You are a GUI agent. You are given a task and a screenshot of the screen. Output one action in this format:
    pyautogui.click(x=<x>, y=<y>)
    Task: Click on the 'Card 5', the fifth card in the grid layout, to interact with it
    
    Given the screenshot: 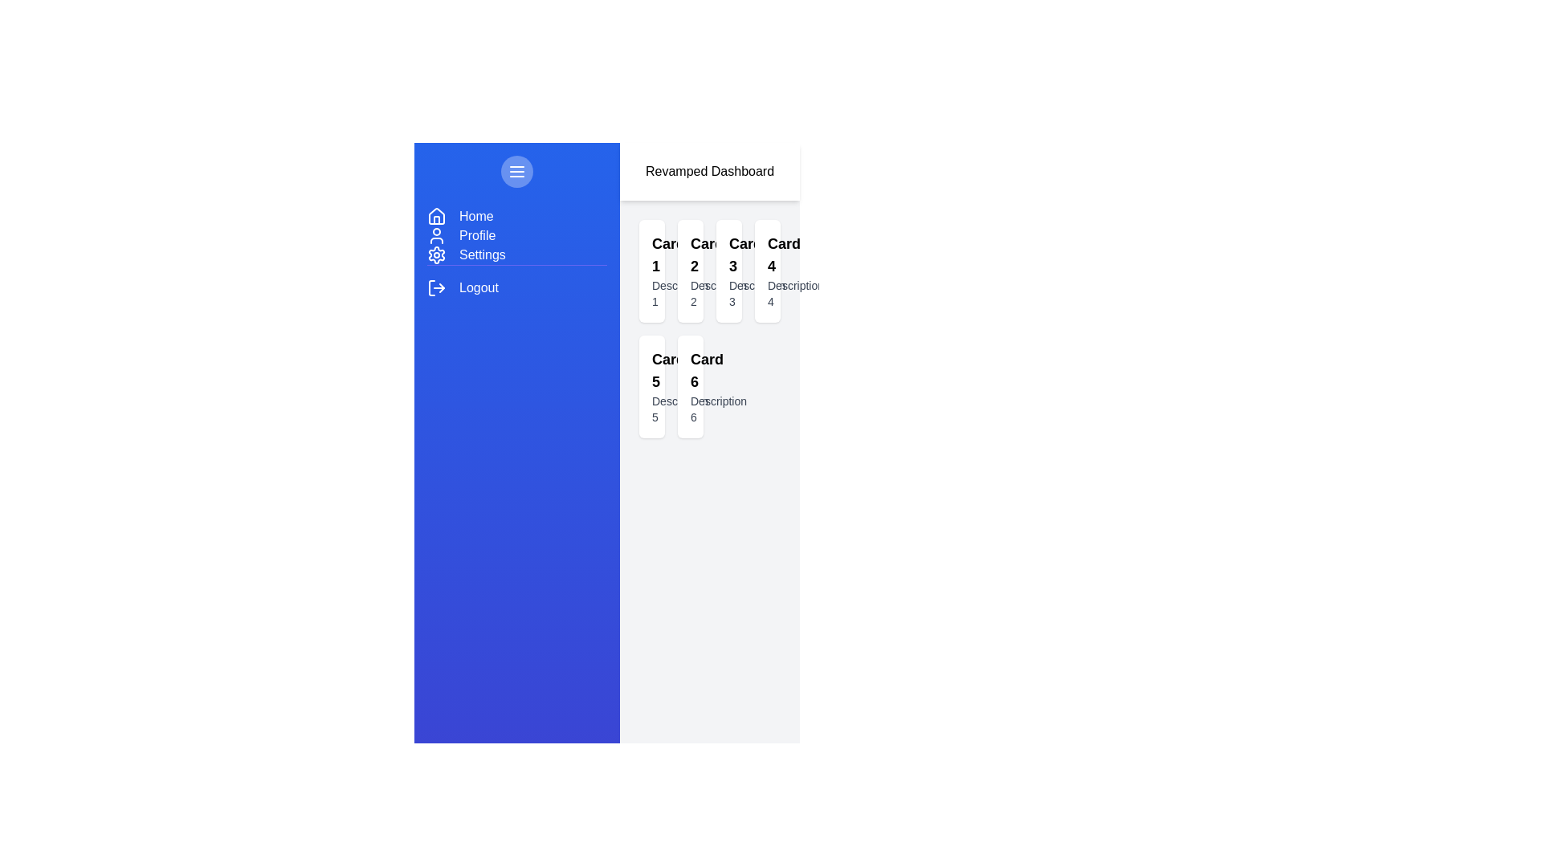 What is the action you would take?
    pyautogui.click(x=651, y=387)
    